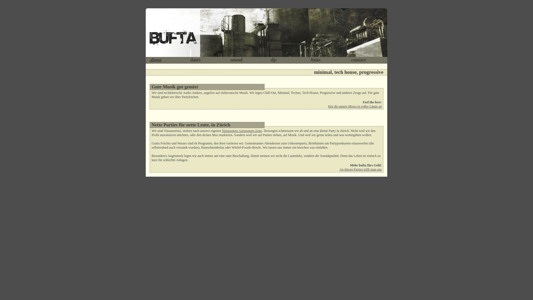  What do you see at coordinates (358, 60) in the screenshot?
I see `'contact'` at bounding box center [358, 60].